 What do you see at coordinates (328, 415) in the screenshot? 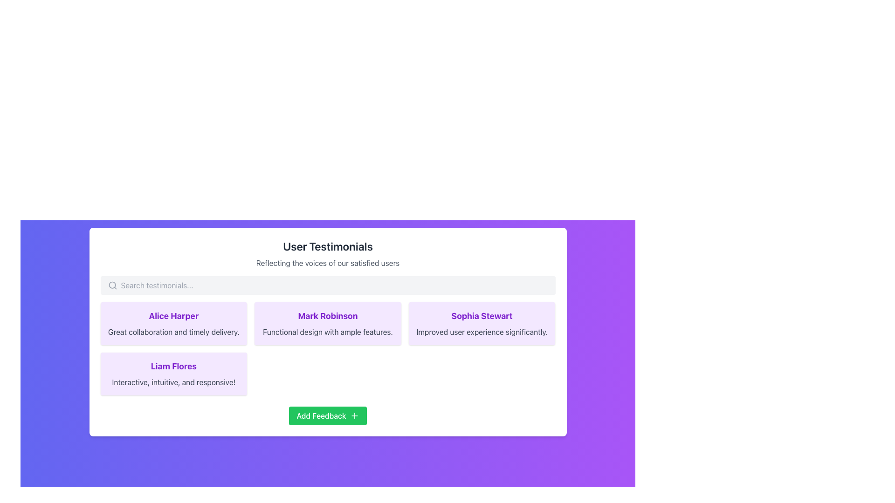
I see `the feedback submission button located at the bottom center of the UI card displaying user testimonials` at bounding box center [328, 415].